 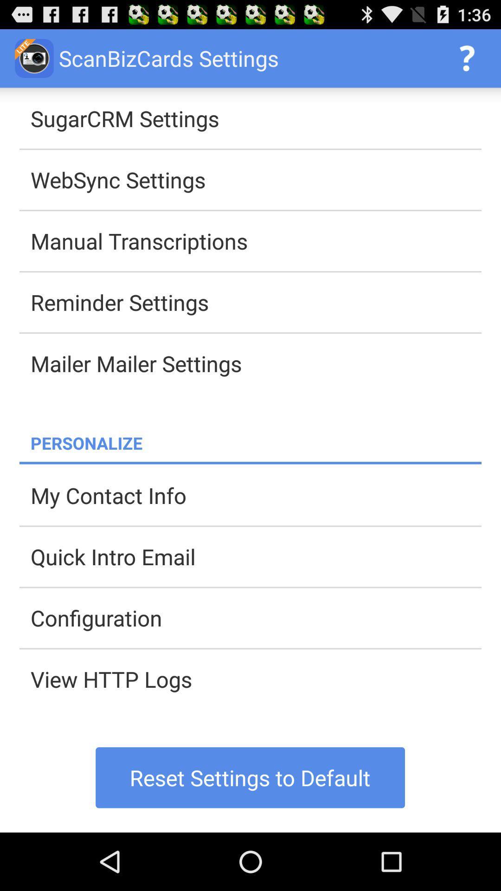 I want to click on the app below the quick intro email, so click(x=256, y=618).